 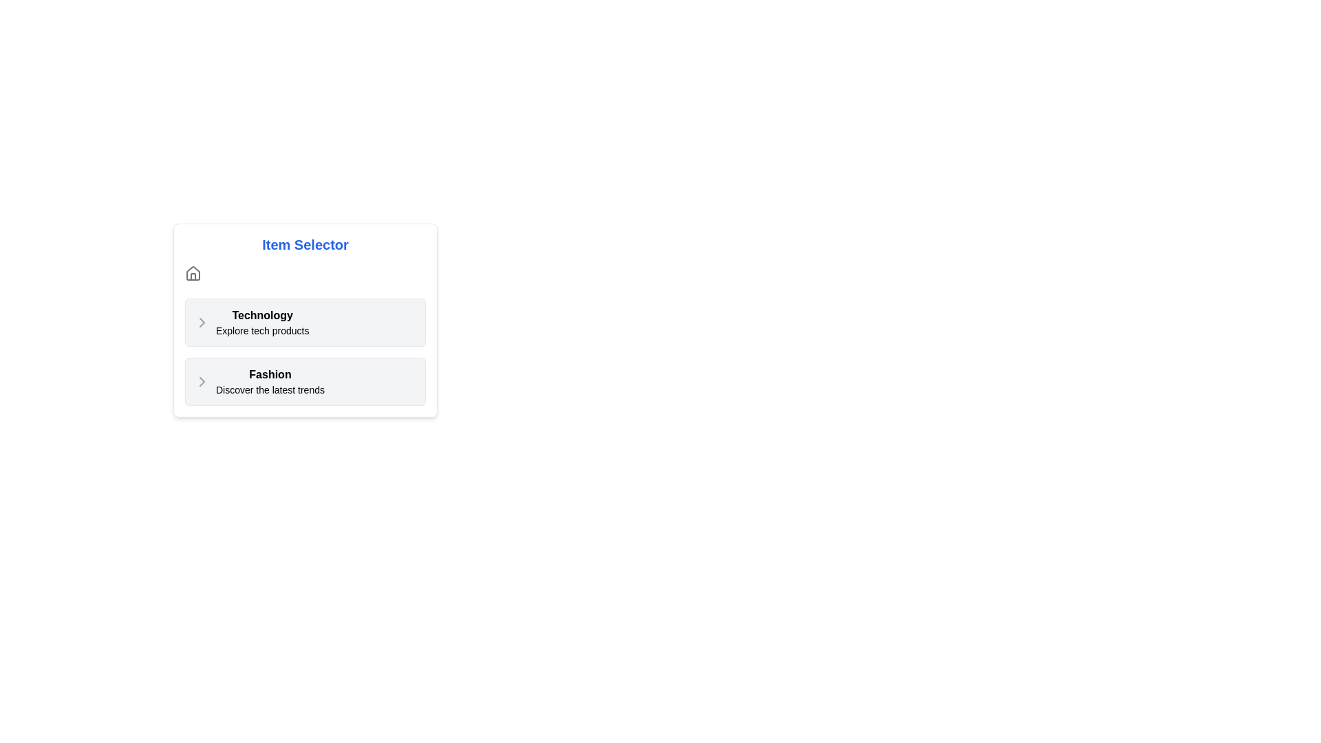 What do you see at coordinates (262, 331) in the screenshot?
I see `the Text Label that serves as a description for the 'Technology' item, located below the 'Technology' header and above the 'Fashion' item` at bounding box center [262, 331].